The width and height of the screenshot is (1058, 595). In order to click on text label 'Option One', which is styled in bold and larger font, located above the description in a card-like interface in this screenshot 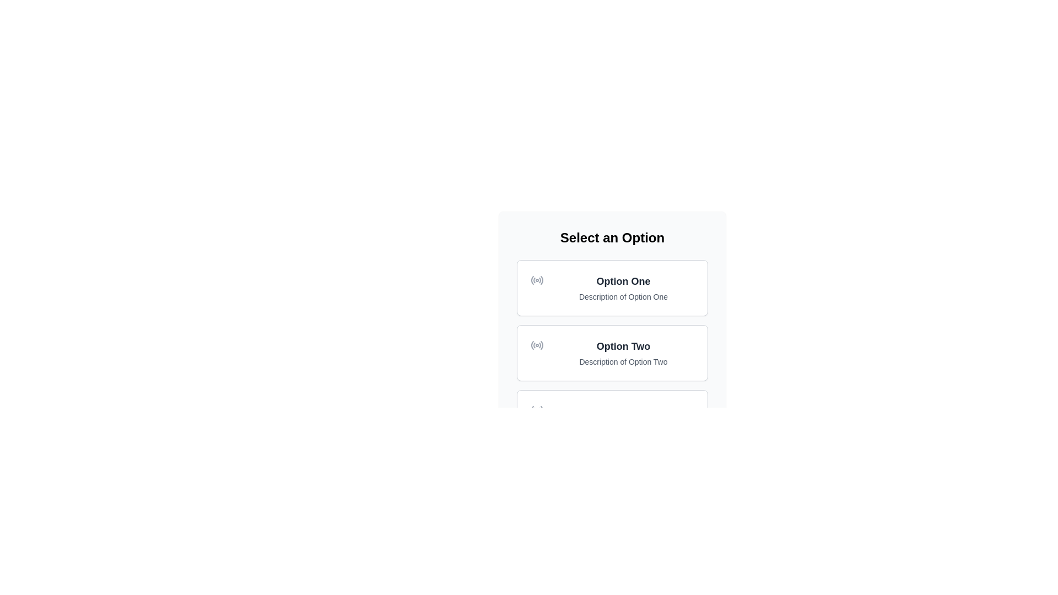, I will do `click(623, 280)`.